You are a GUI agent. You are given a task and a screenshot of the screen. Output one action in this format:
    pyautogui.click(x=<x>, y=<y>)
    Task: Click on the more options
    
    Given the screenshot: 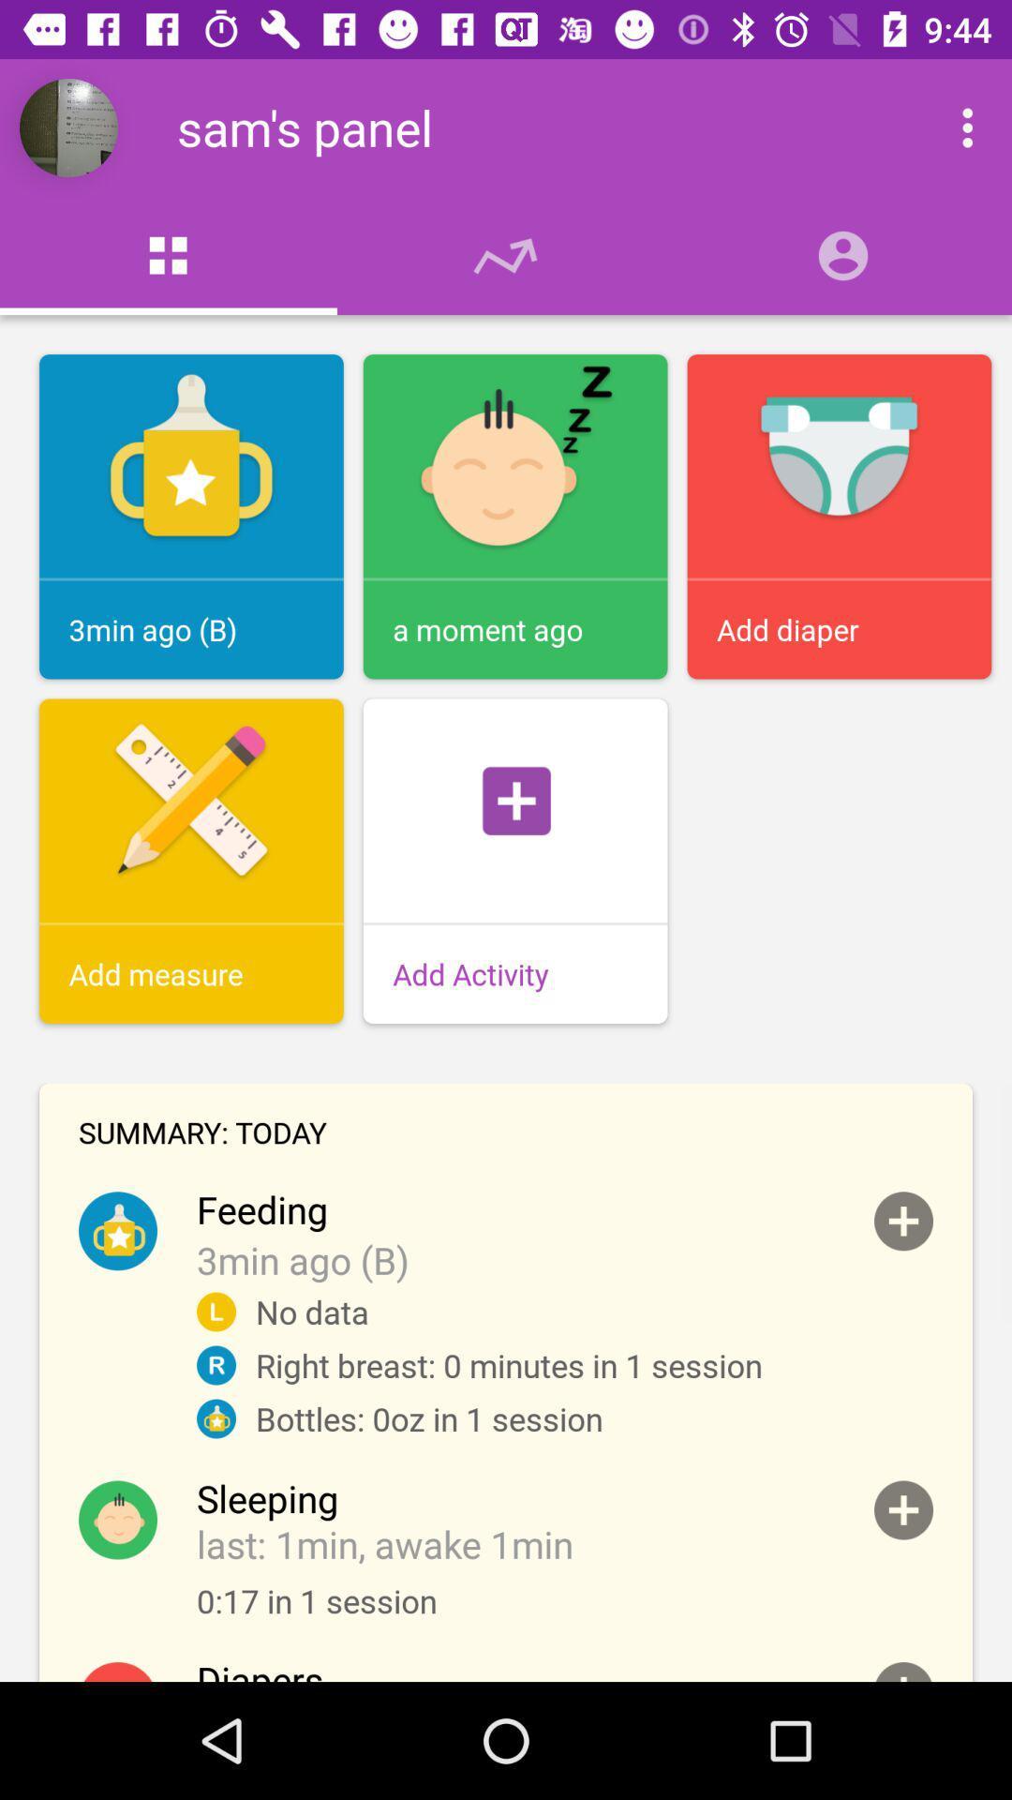 What is the action you would take?
    pyautogui.click(x=947, y=127)
    